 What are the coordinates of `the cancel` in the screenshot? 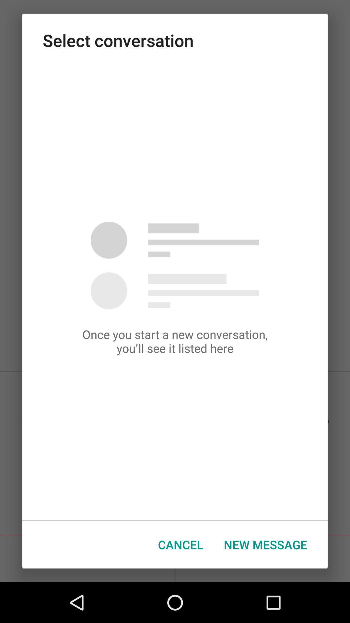 It's located at (181, 544).